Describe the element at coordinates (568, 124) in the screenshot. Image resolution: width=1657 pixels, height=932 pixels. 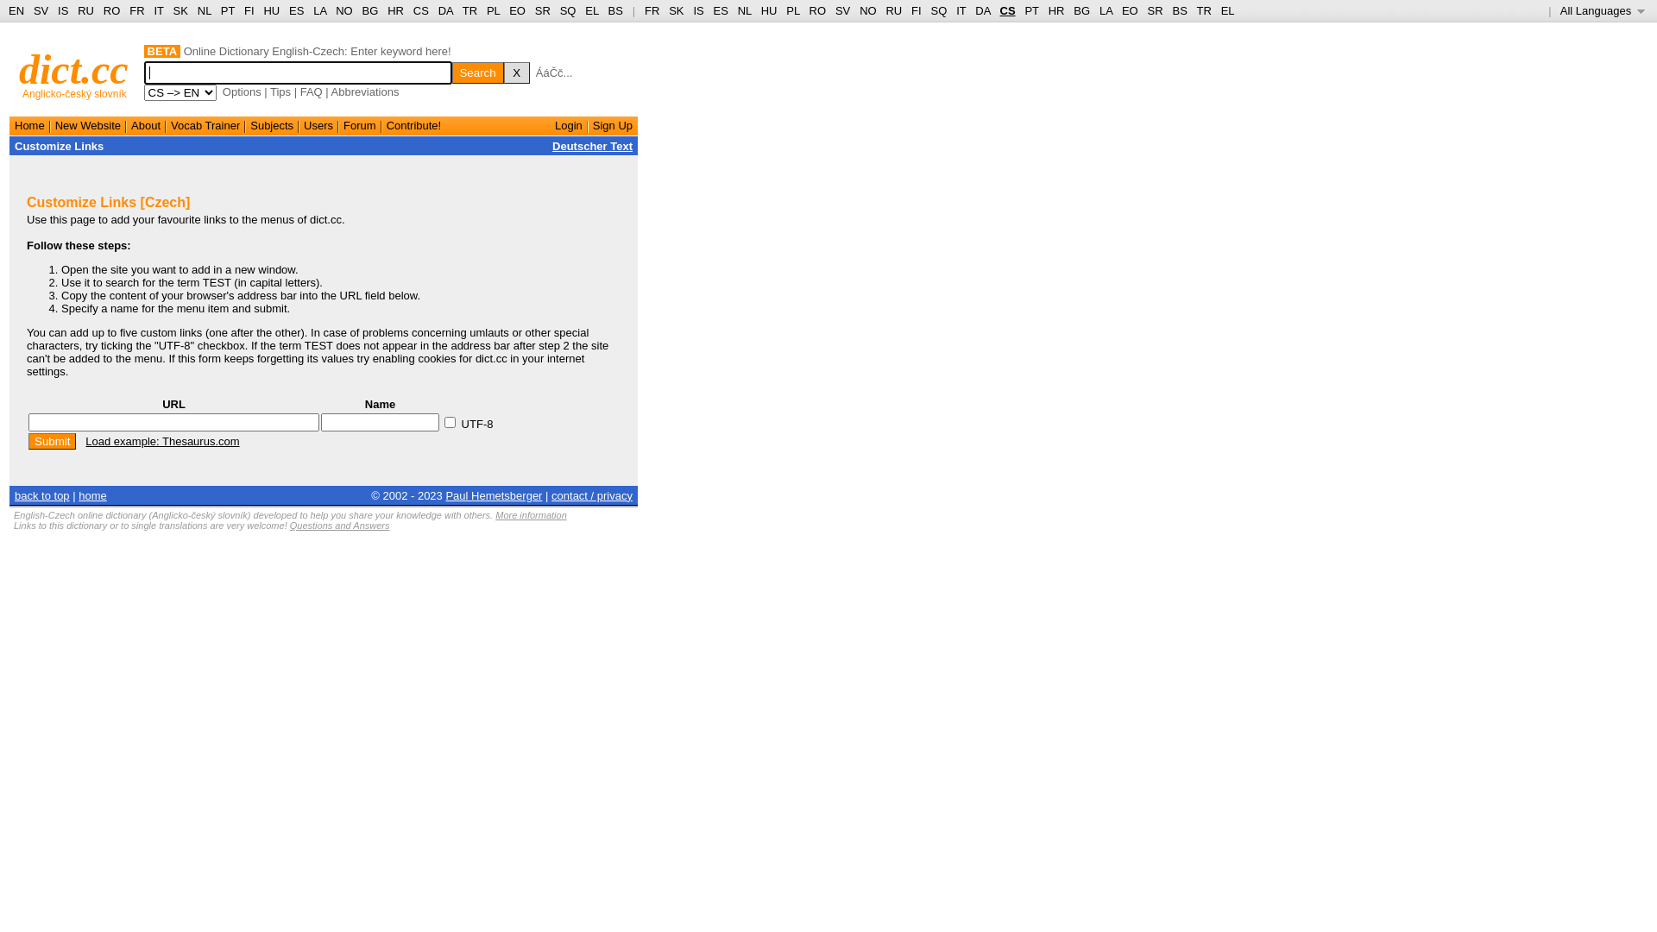
I see `'Login'` at that location.